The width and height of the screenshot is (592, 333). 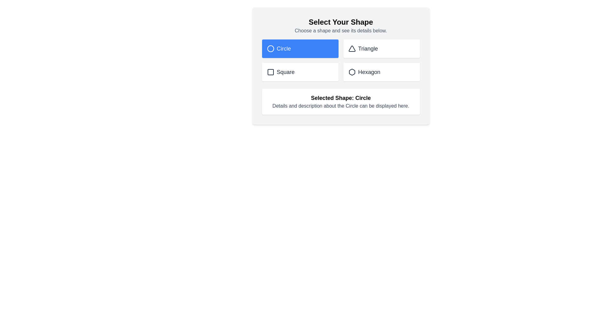 What do you see at coordinates (270, 72) in the screenshot?
I see `the small square-shaped graphic with rounded corners representing the 'Square' choice in the selection interface` at bounding box center [270, 72].